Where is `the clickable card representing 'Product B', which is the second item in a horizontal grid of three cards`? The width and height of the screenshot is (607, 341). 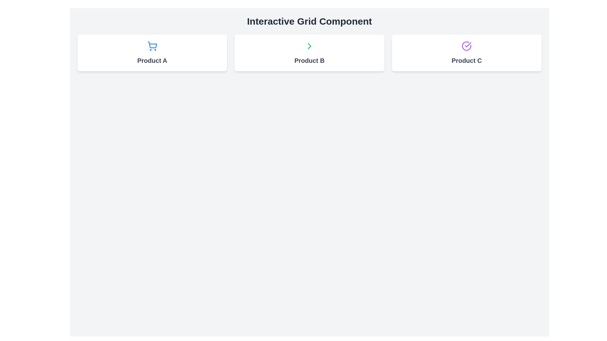 the clickable card representing 'Product B', which is the second item in a horizontal grid of three cards is located at coordinates (310, 53).